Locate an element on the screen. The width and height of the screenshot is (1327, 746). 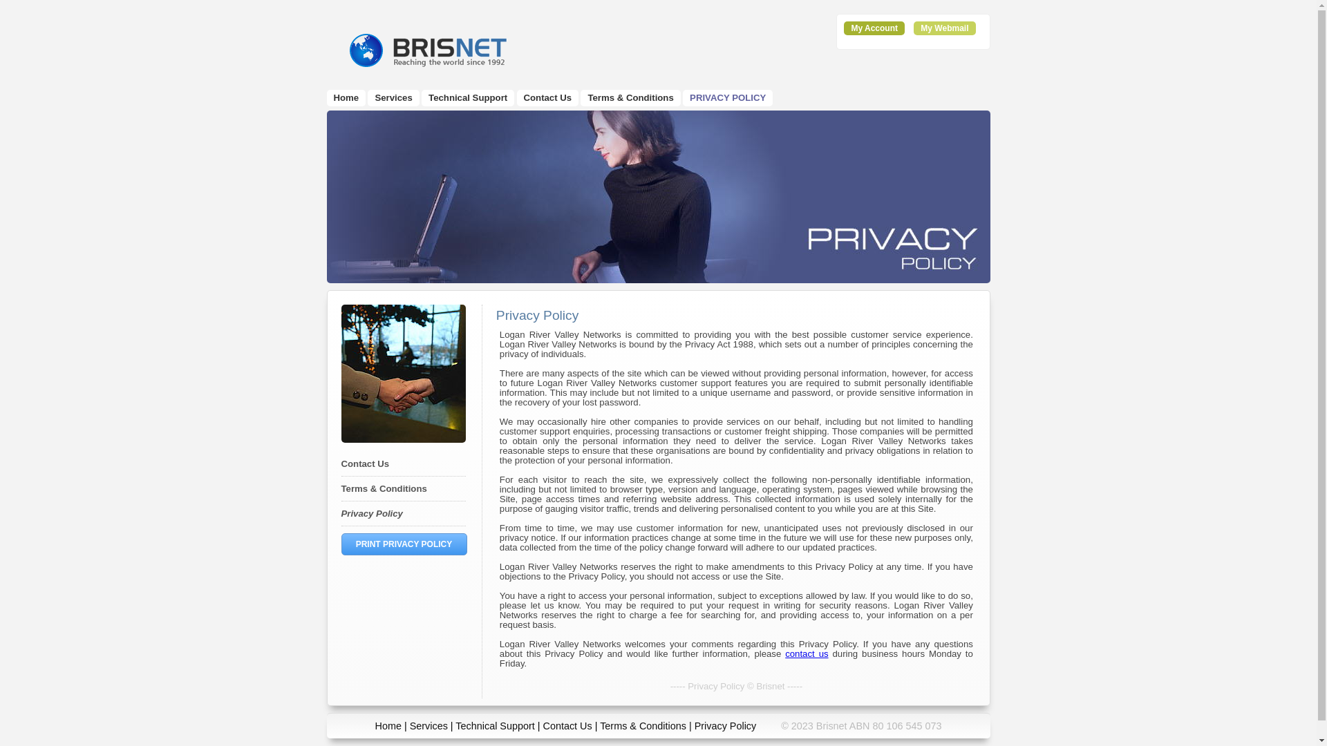
'Terms & Conditions' is located at coordinates (384, 488).